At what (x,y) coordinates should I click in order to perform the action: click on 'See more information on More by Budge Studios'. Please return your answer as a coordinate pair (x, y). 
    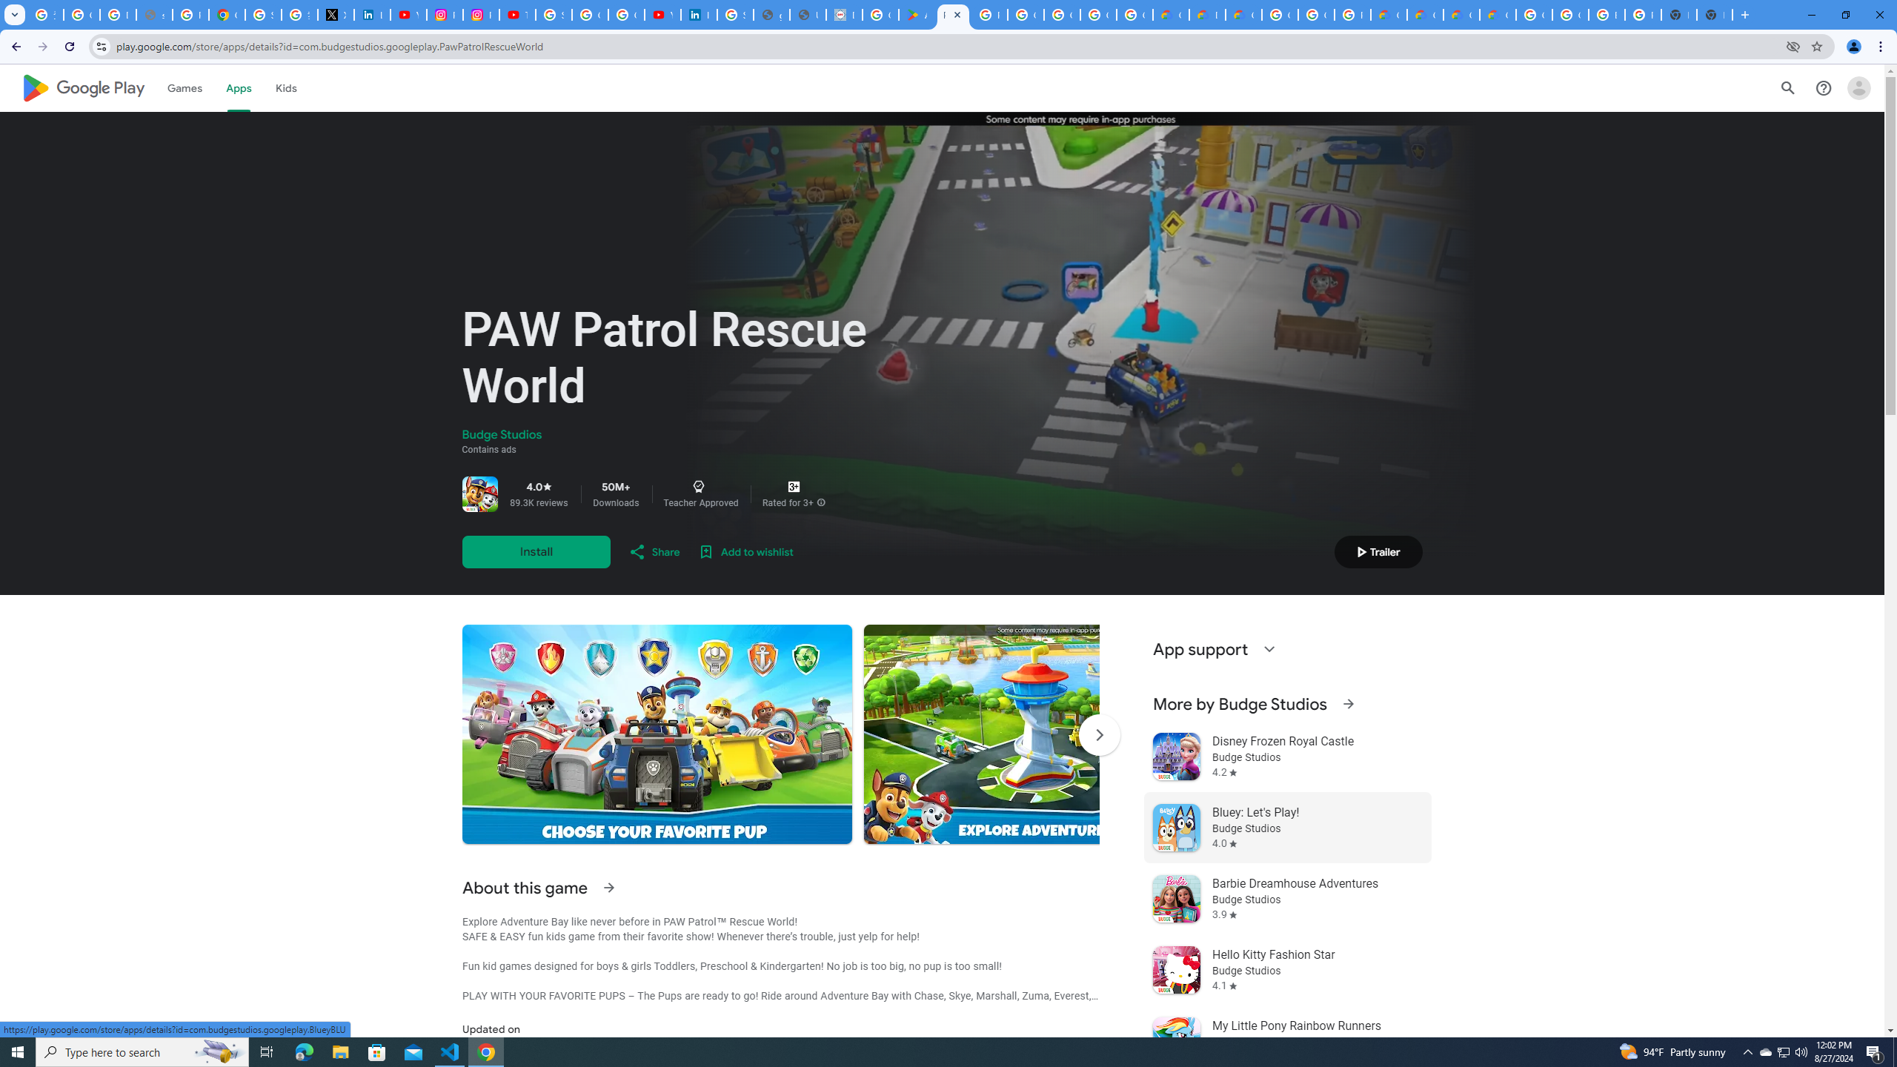
    Looking at the image, I should click on (1347, 703).